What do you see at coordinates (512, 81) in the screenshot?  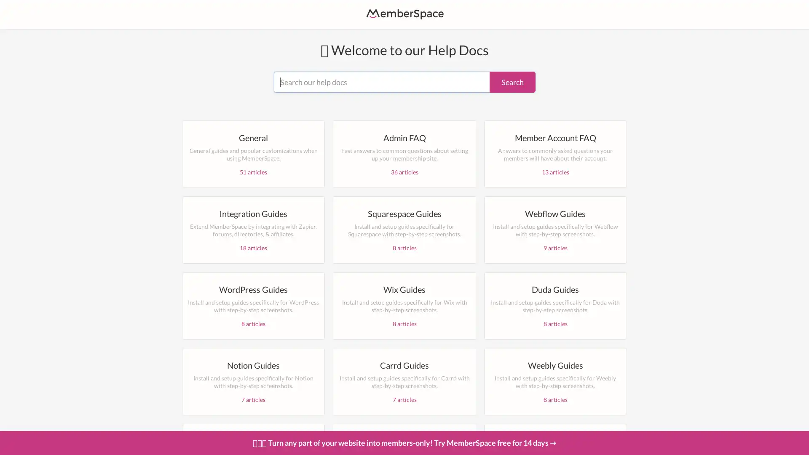 I see `Search` at bounding box center [512, 81].